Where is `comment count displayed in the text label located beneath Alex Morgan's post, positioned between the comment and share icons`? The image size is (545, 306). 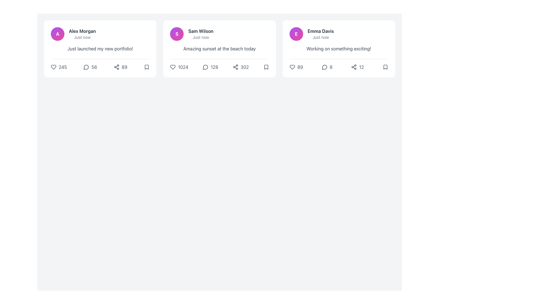 comment count displayed in the text label located beneath Alex Morgan's post, positioned between the comment and share icons is located at coordinates (94, 67).